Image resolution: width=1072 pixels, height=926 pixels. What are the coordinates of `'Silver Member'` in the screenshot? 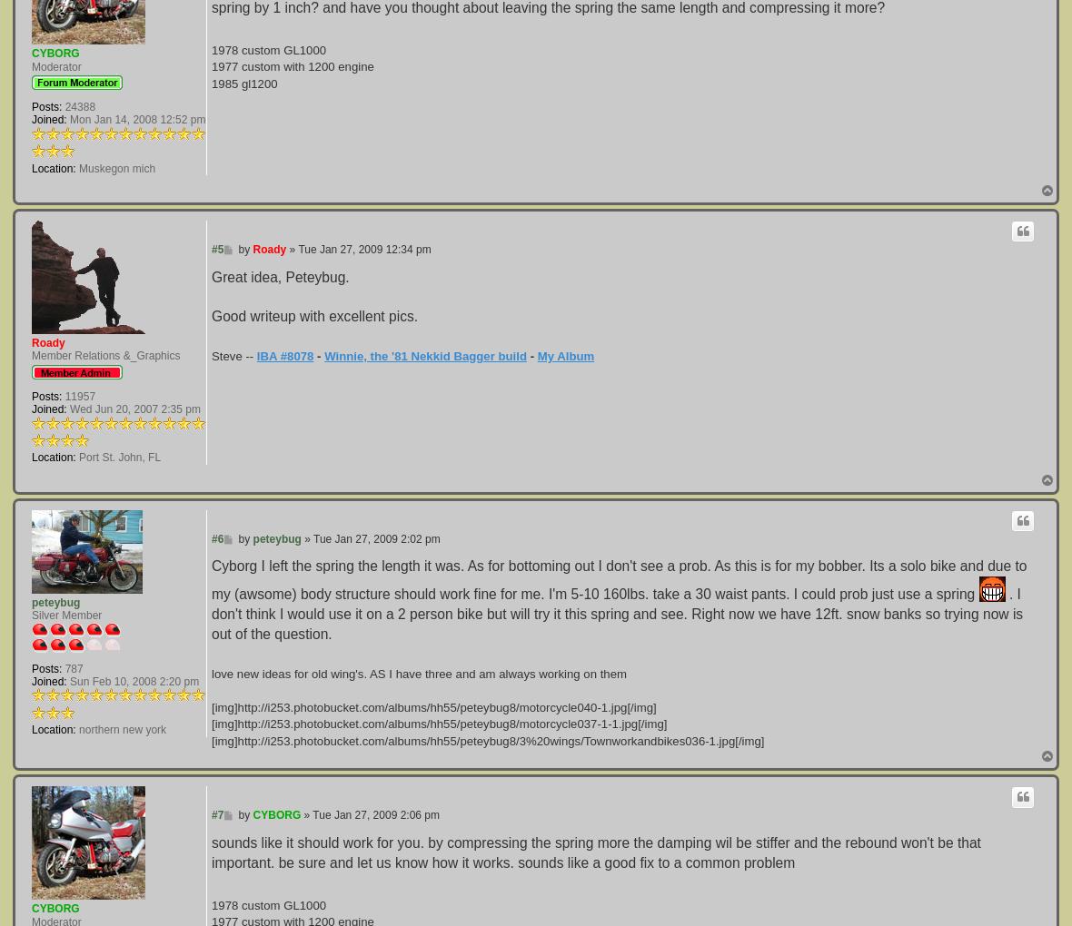 It's located at (65, 615).